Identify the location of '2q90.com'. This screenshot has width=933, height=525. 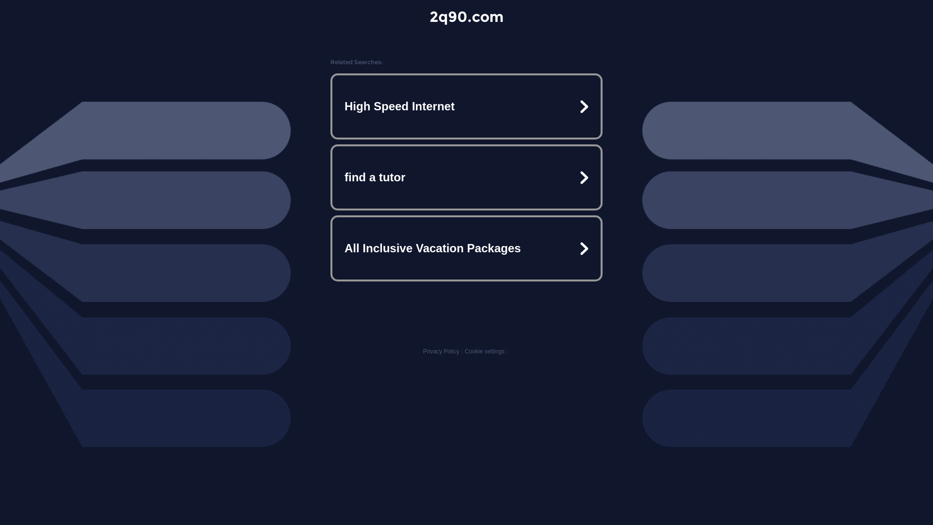
(429, 17).